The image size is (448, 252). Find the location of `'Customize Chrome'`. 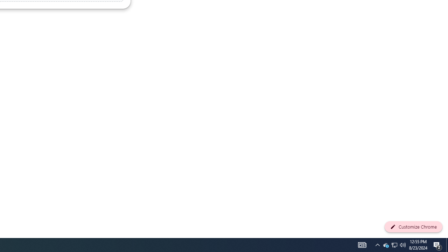

'Customize Chrome' is located at coordinates (413, 227).